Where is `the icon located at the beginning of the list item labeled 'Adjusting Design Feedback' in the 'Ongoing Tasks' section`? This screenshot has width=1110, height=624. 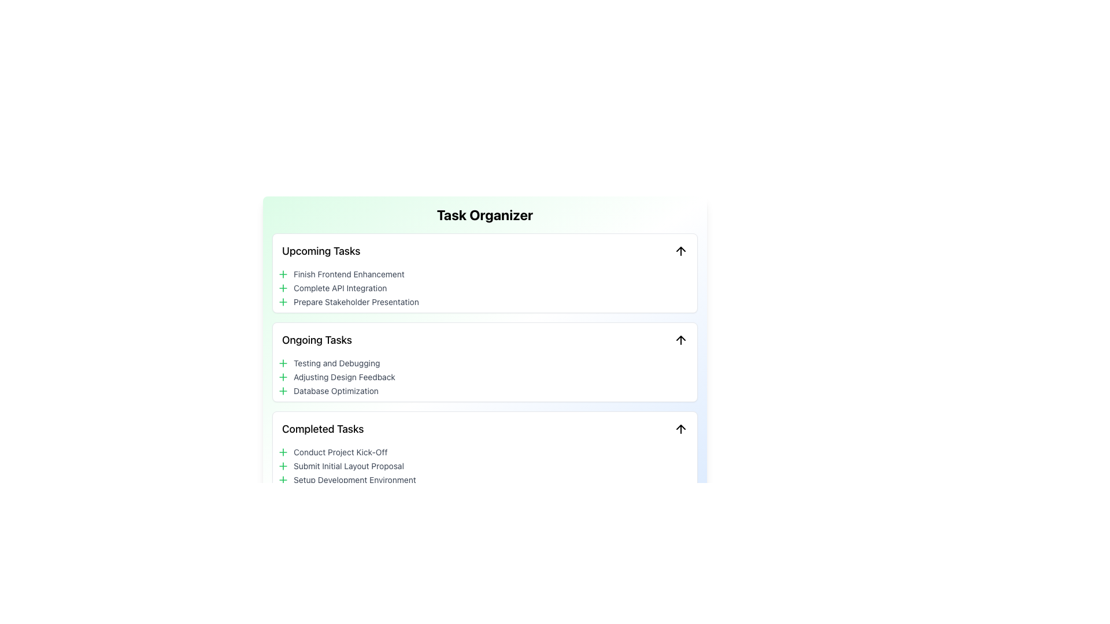
the icon located at the beginning of the list item labeled 'Adjusting Design Feedback' in the 'Ongoing Tasks' section is located at coordinates (283, 377).